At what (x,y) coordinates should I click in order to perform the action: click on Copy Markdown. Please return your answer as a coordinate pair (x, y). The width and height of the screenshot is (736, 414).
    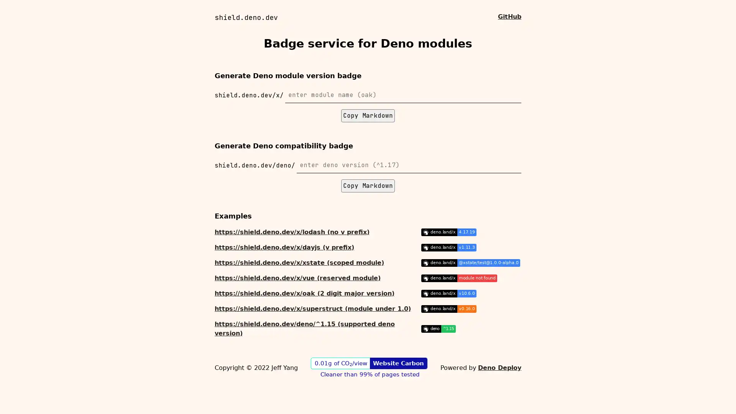
    Looking at the image, I should click on (368, 186).